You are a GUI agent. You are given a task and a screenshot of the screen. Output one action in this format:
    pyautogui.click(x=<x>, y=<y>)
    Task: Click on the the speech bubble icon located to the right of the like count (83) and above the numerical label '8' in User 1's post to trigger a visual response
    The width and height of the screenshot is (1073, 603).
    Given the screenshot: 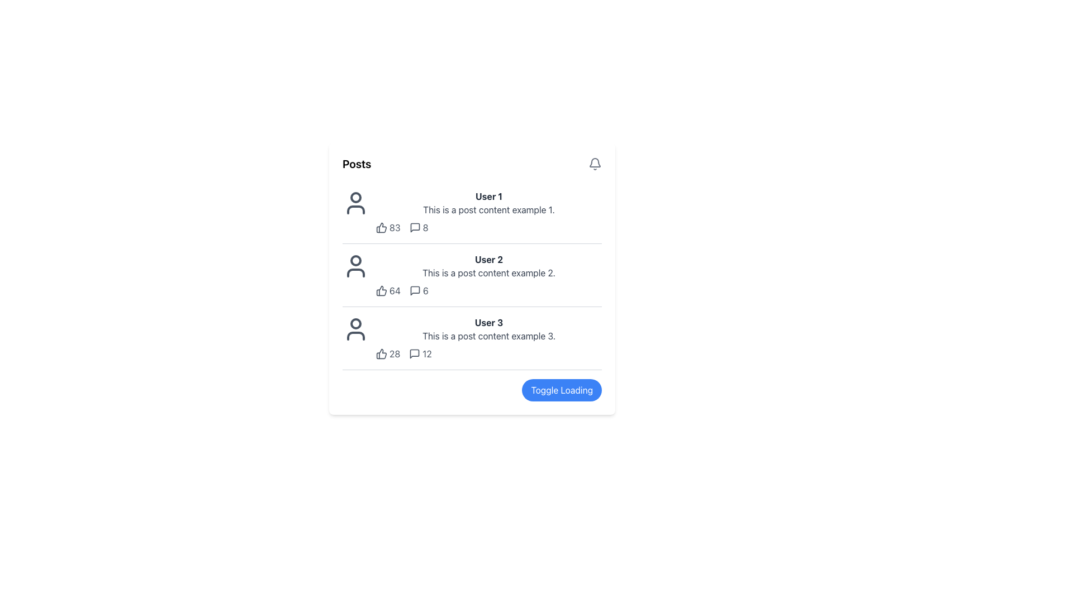 What is the action you would take?
    pyautogui.click(x=414, y=227)
    